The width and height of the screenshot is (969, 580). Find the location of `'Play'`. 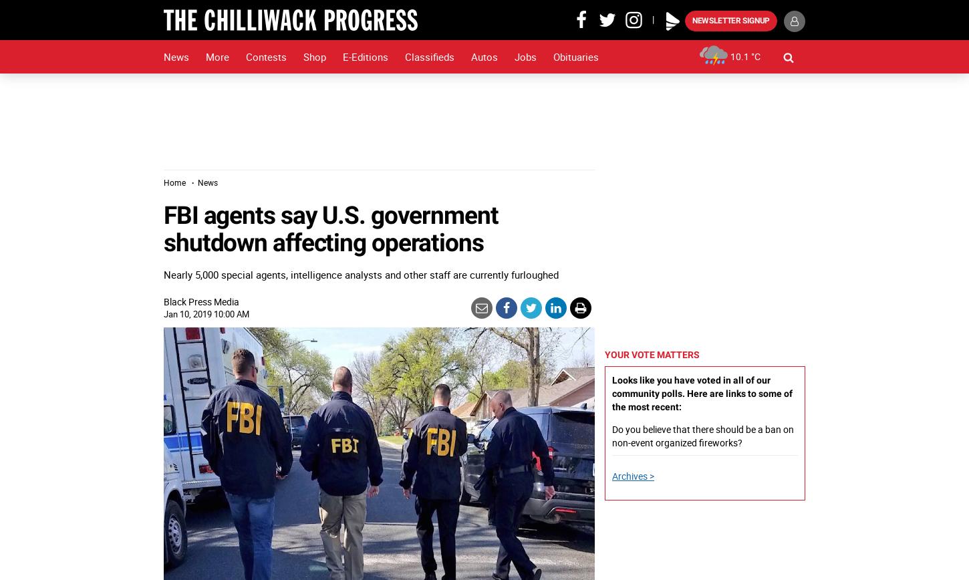

'Play' is located at coordinates (663, 11).